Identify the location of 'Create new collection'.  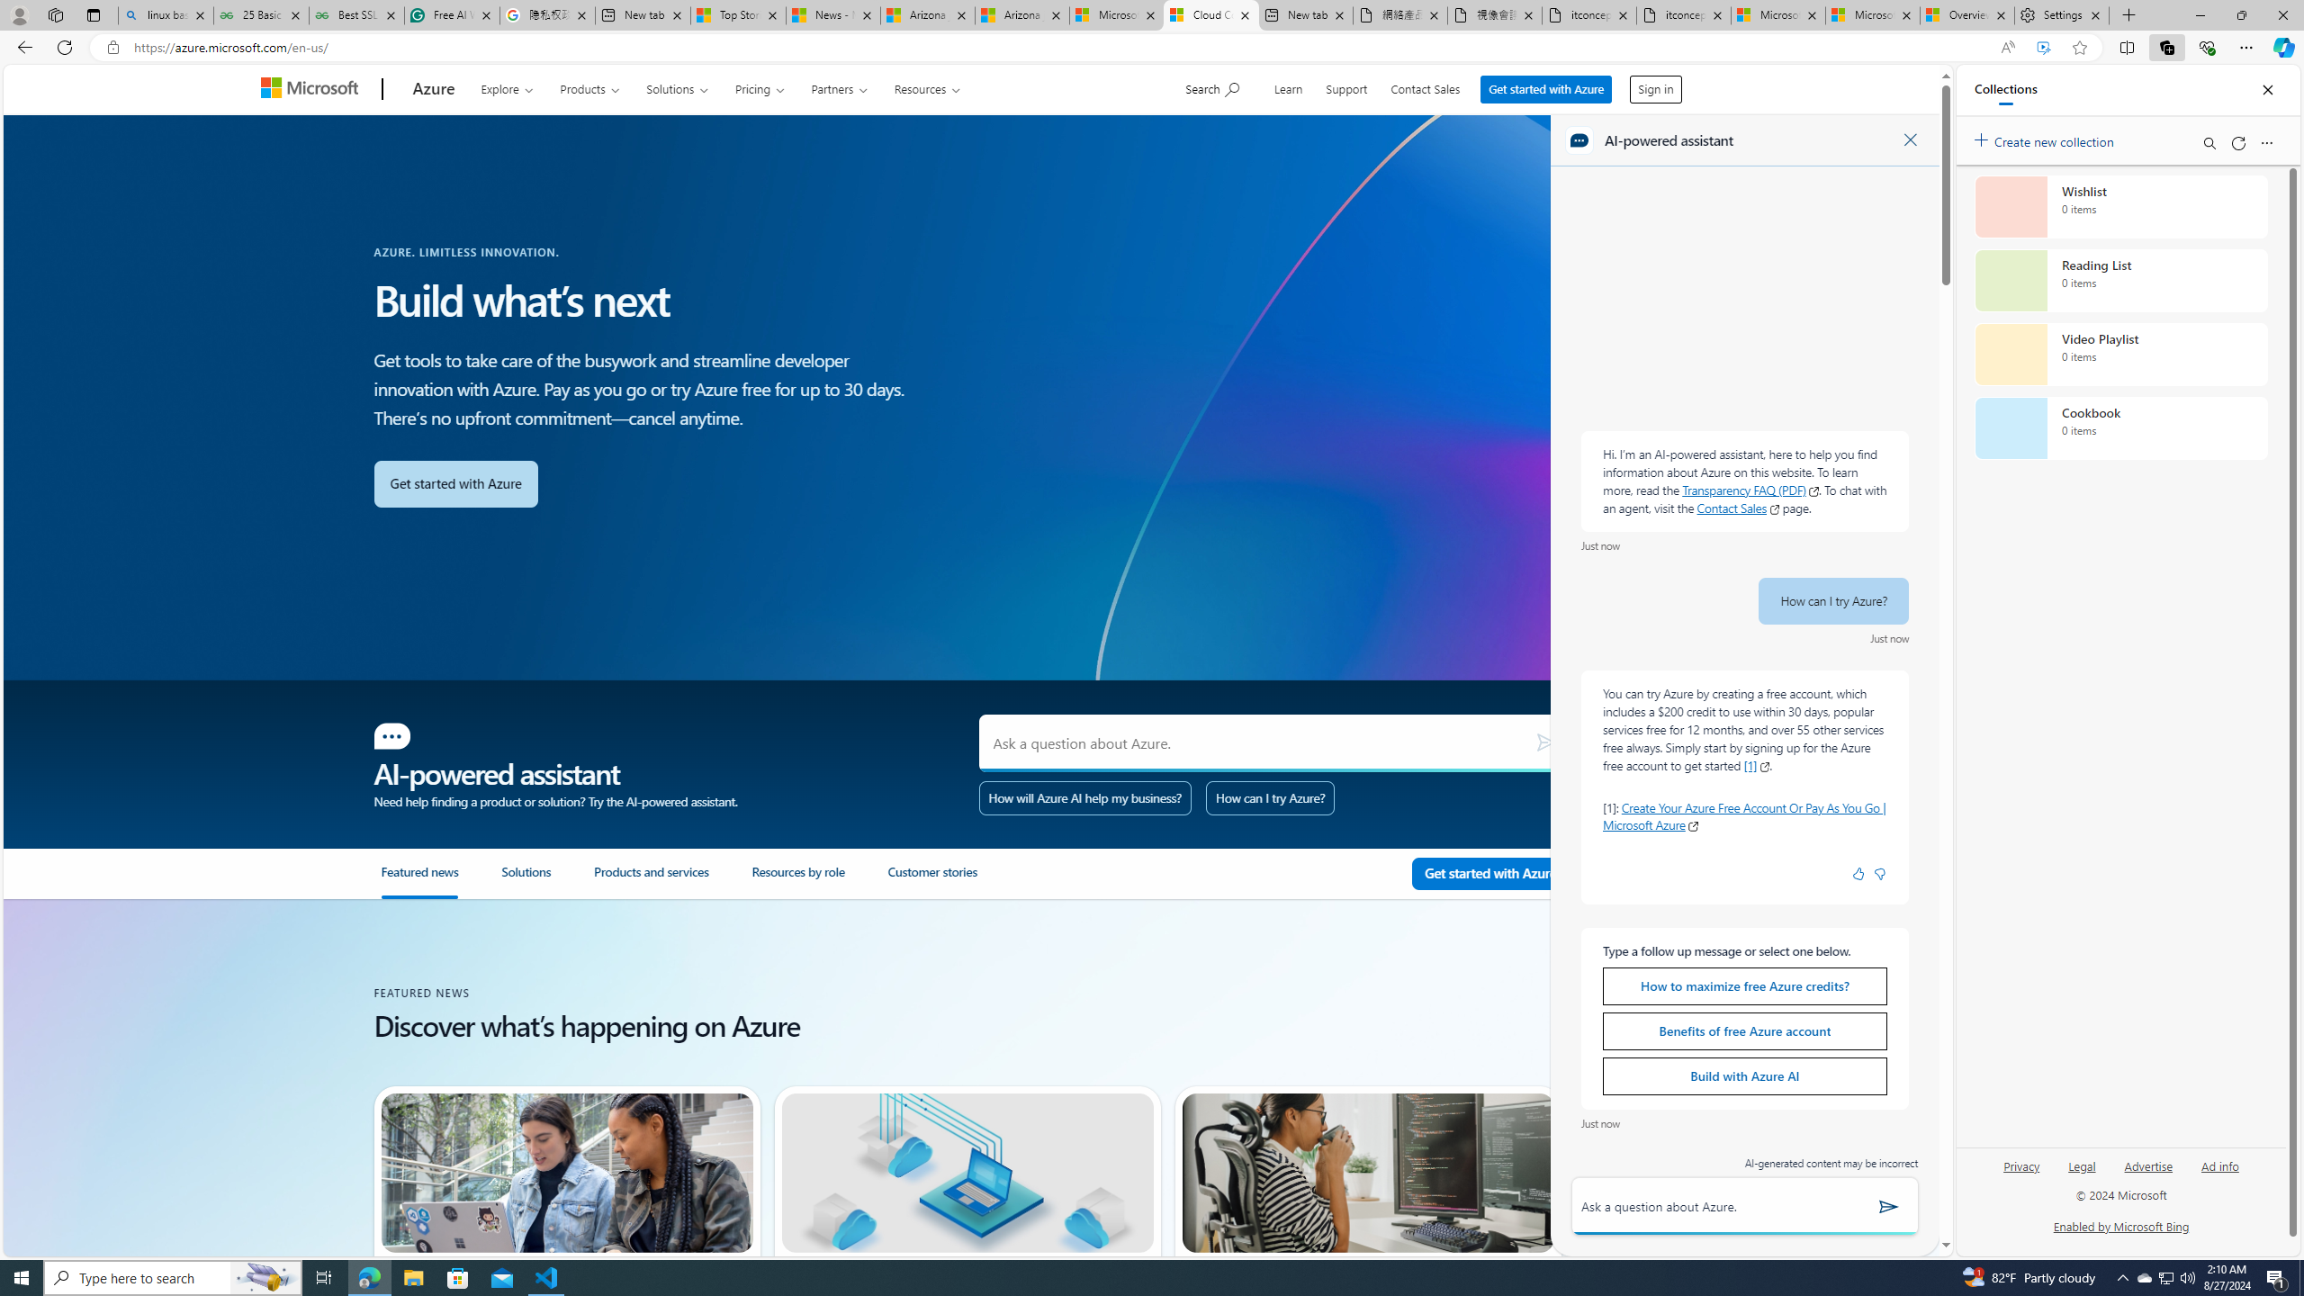
(2047, 138).